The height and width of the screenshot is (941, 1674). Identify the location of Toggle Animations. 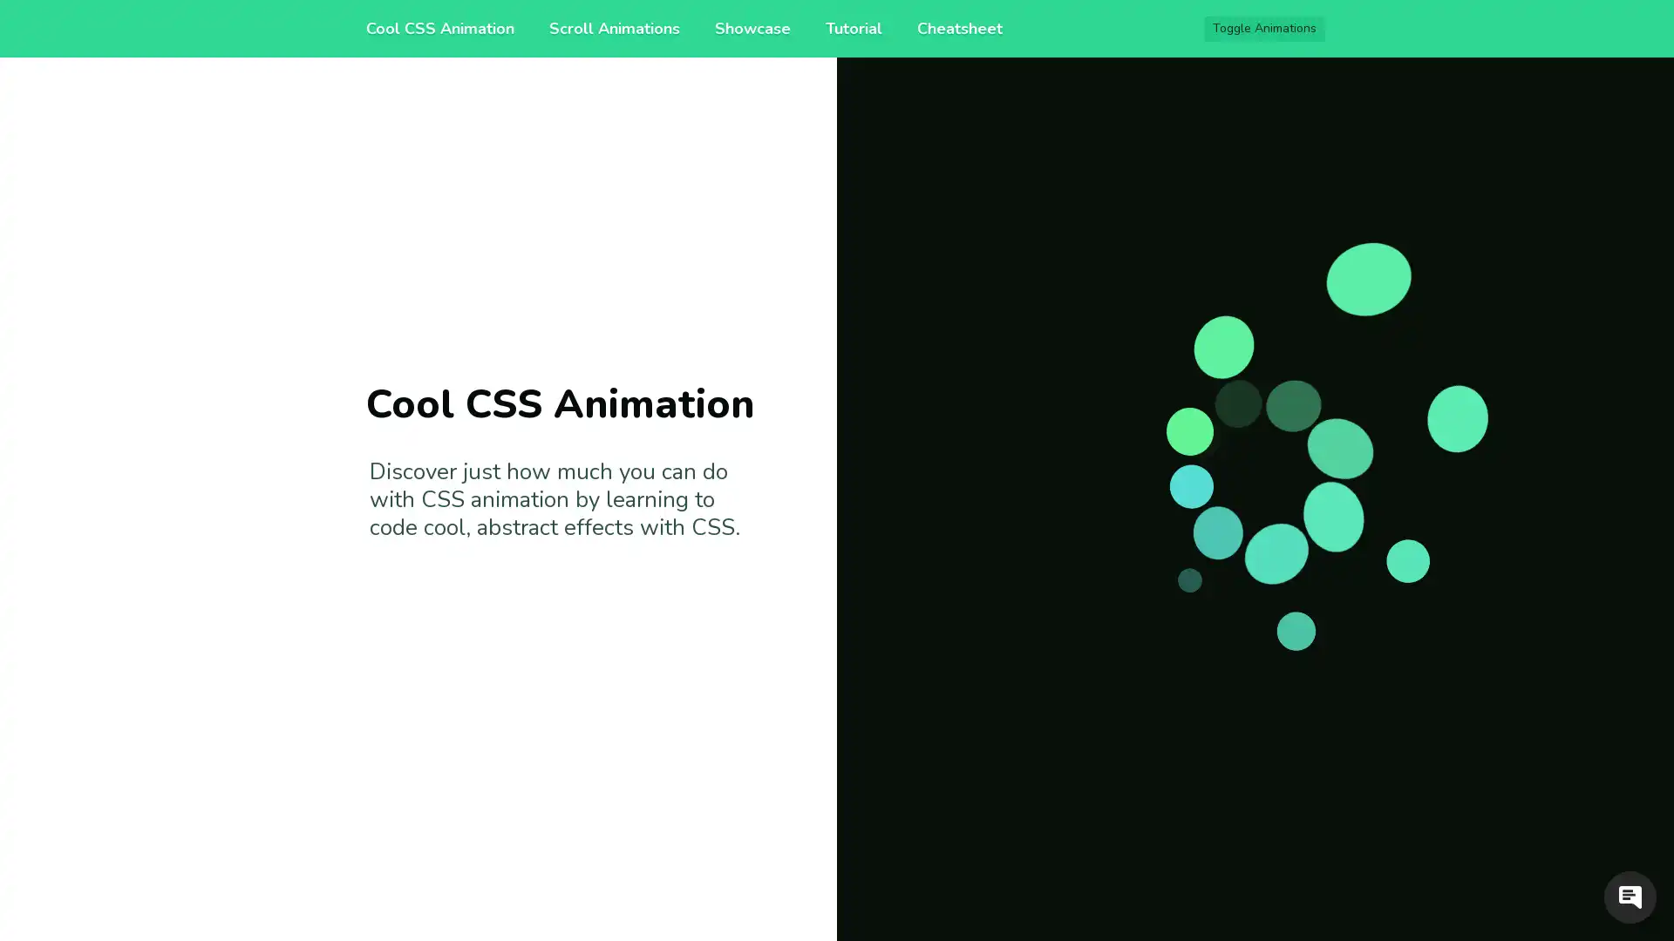
(1264, 29).